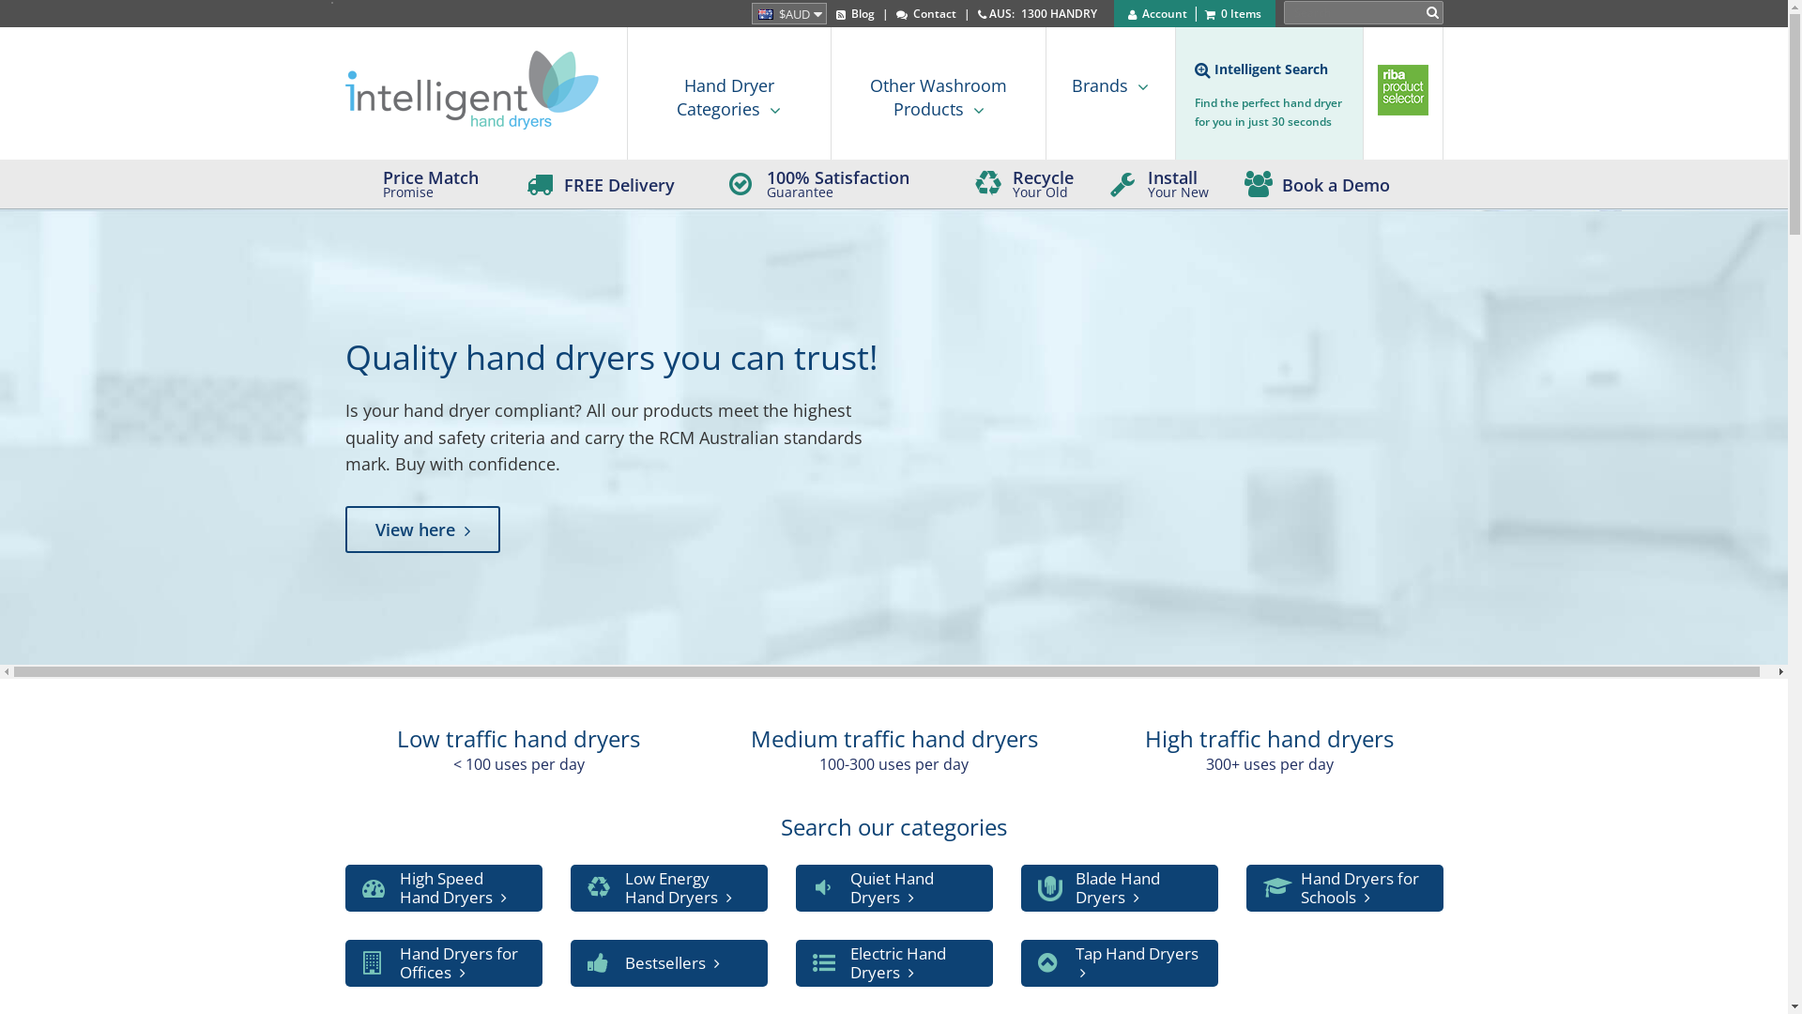 This screenshot has width=1802, height=1014. Describe the element at coordinates (518, 737) in the screenshot. I see `'Low traffic hand dryers'` at that location.